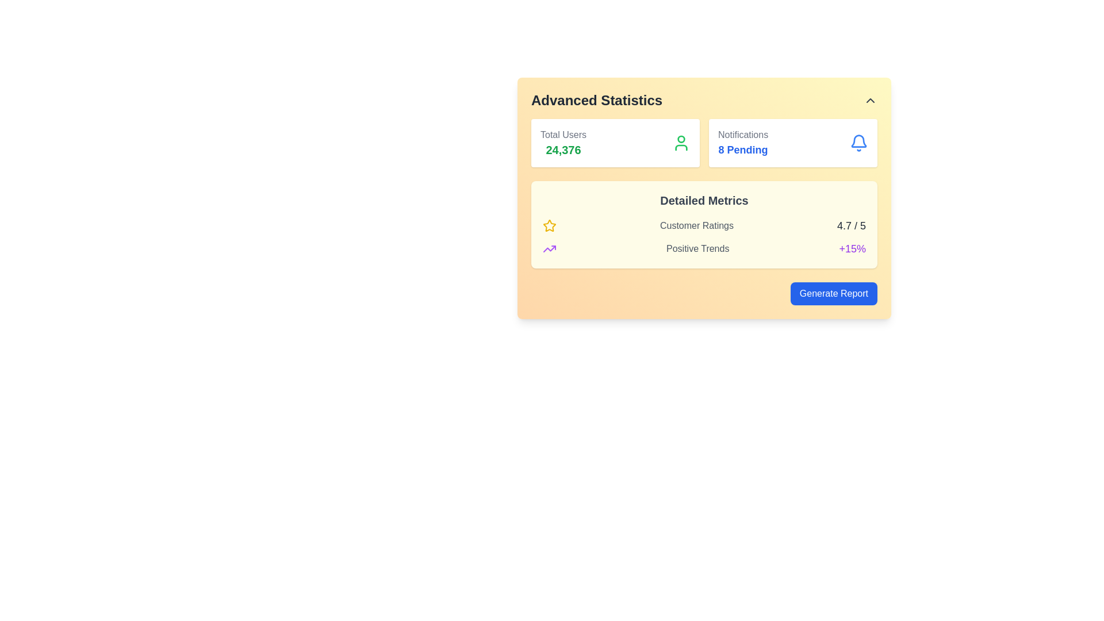 The height and width of the screenshot is (621, 1104). Describe the element at coordinates (743, 135) in the screenshot. I see `the notification section label located in the top section of the 'Advanced Statistics' card, positioned above the '8 Pending' text and adjacent to the bell icon` at that location.